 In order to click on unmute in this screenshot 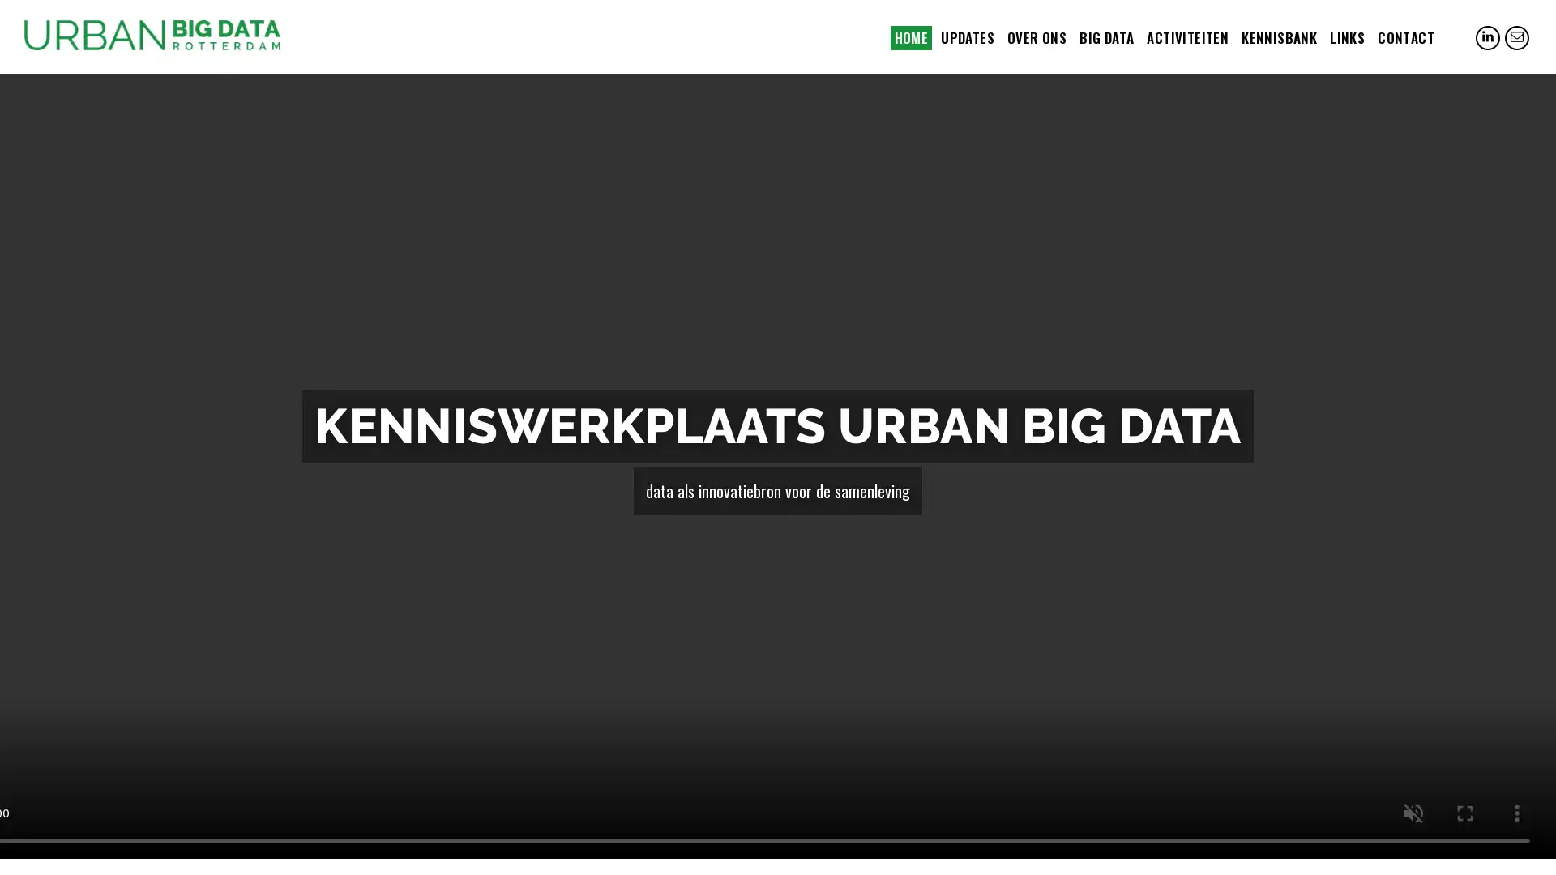, I will do `click(1412, 813)`.